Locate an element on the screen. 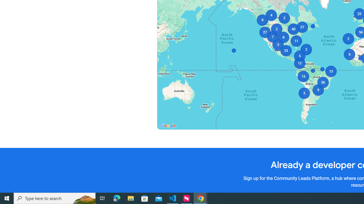 Image resolution: width=364 pixels, height=204 pixels. '7' is located at coordinates (272, 37).